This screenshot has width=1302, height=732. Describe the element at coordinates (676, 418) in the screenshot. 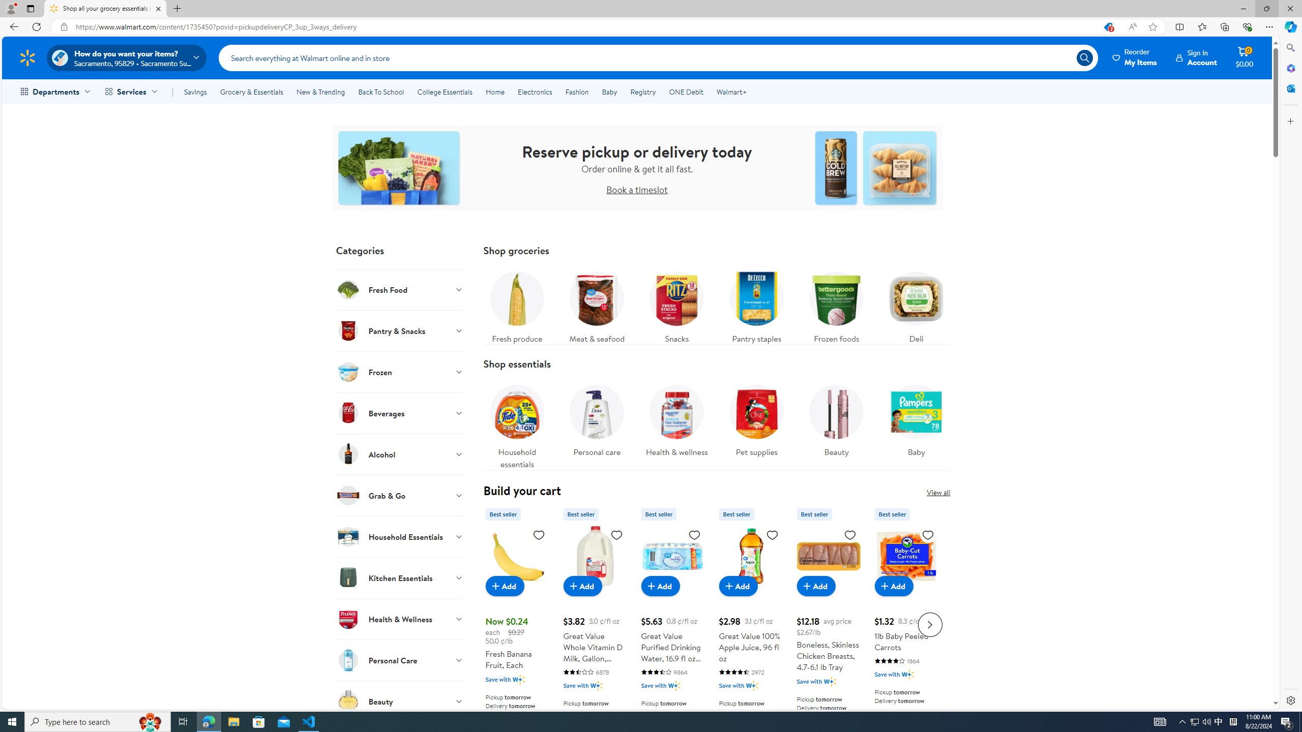

I see `'Health & wellness'` at that location.